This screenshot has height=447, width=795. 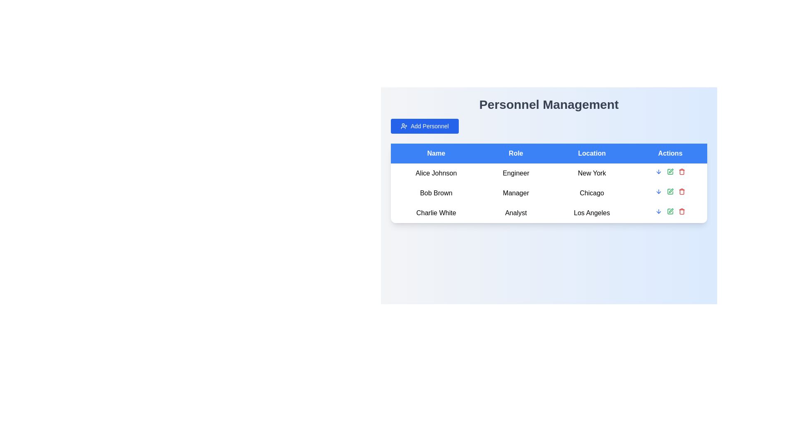 What do you see at coordinates (670, 153) in the screenshot?
I see `the 'Actions' text header element, which is a rectangular box with white text on a blue background` at bounding box center [670, 153].